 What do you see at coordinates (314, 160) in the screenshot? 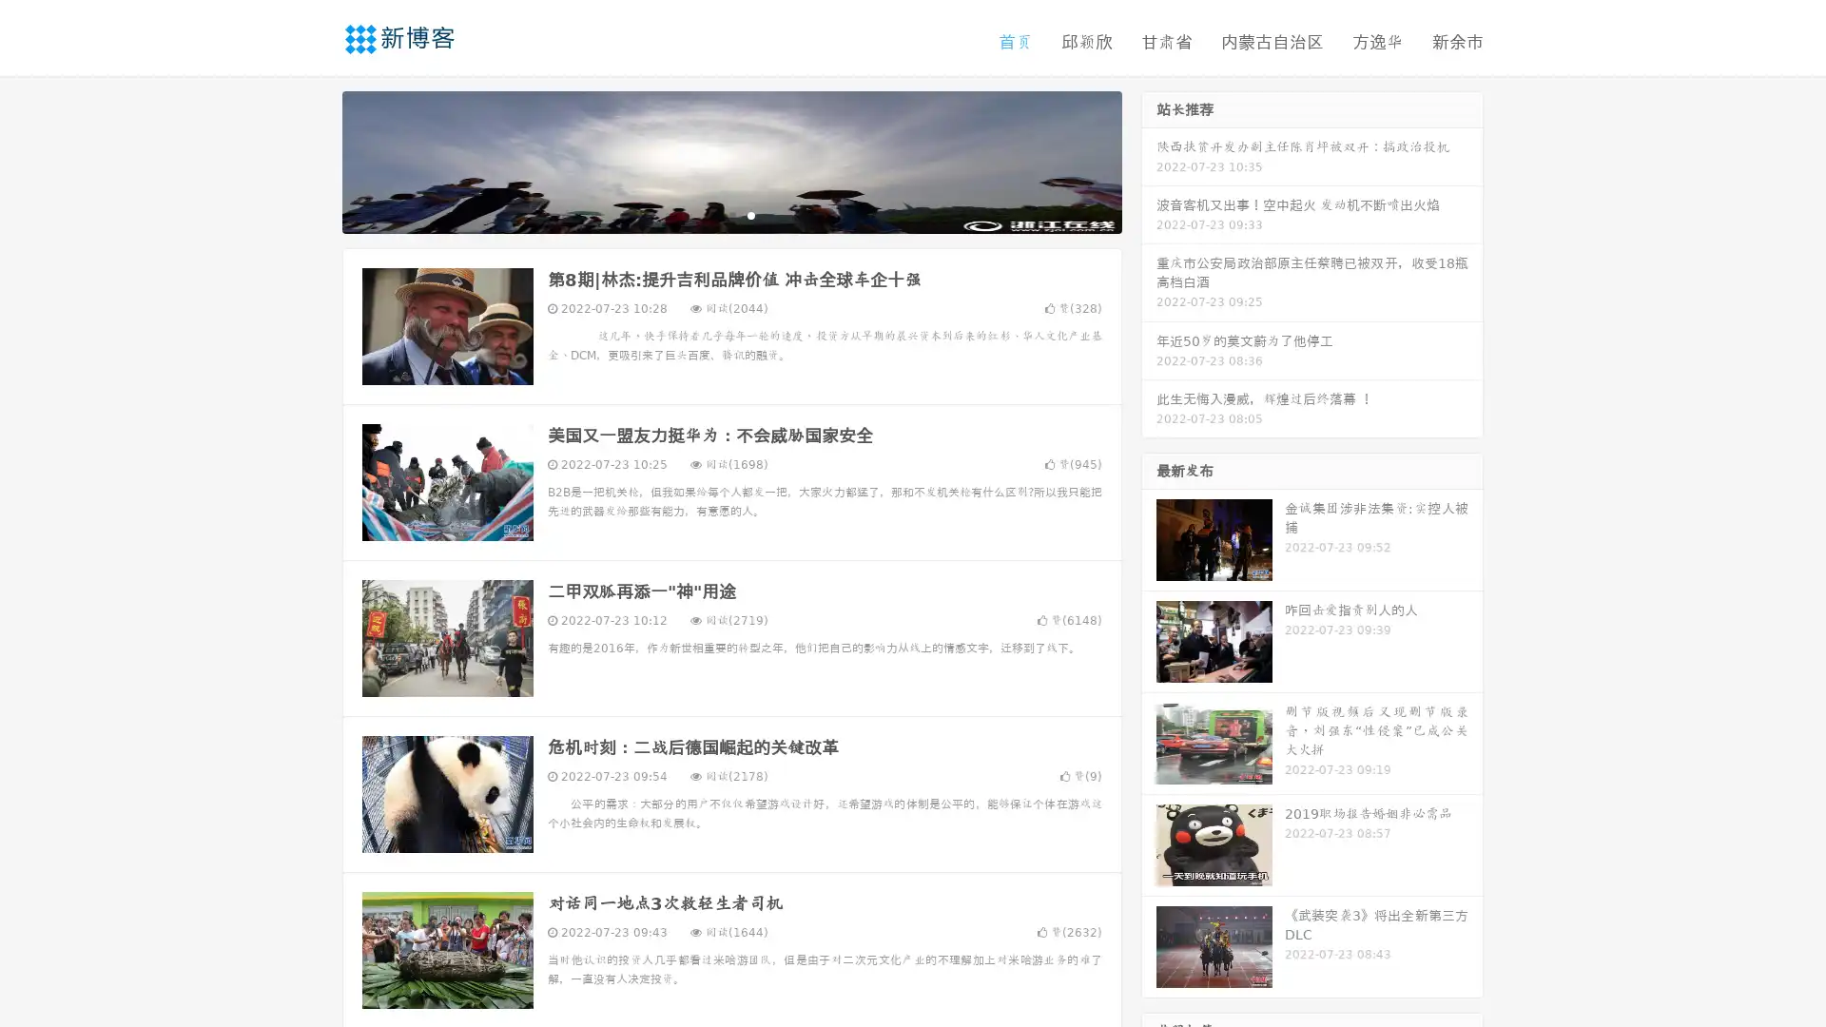
I see `Previous slide` at bounding box center [314, 160].